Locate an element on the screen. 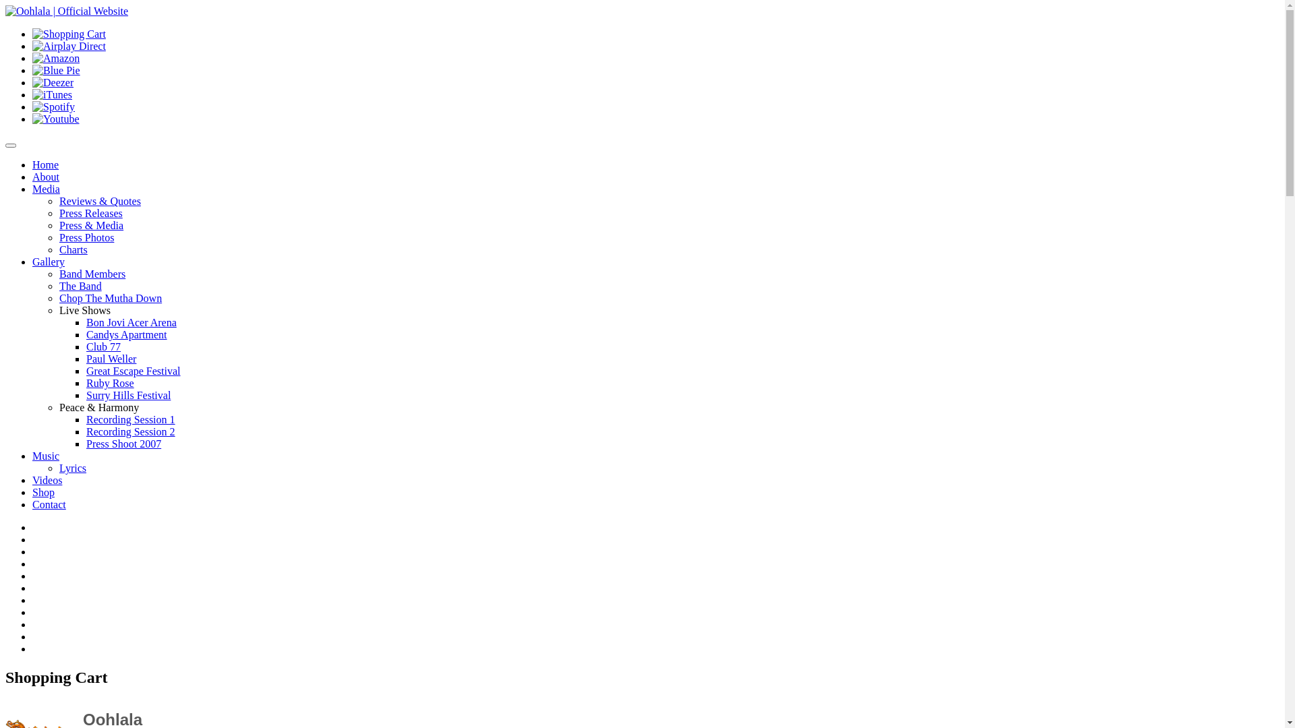 The image size is (1295, 728). 'Charts' is located at coordinates (73, 249).